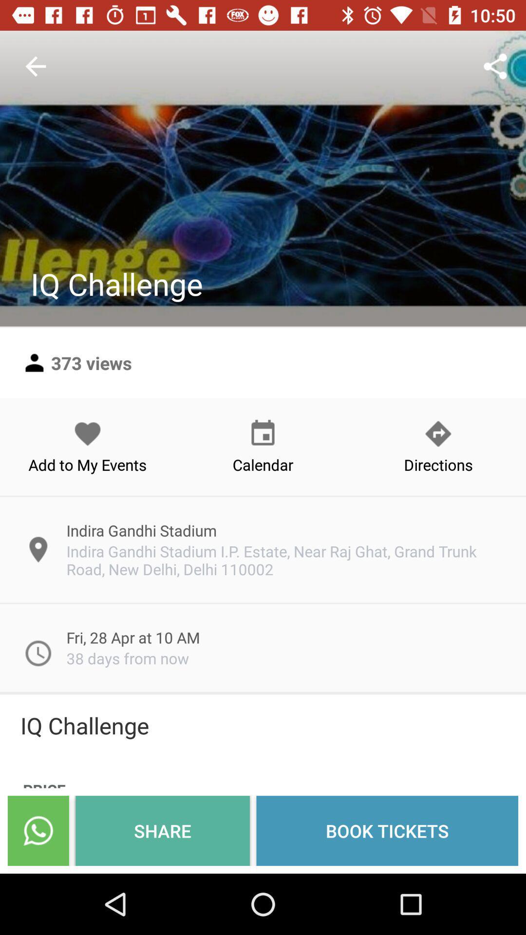 The image size is (526, 935). What do you see at coordinates (437, 446) in the screenshot?
I see `the icon to the right of the calendar item` at bounding box center [437, 446].